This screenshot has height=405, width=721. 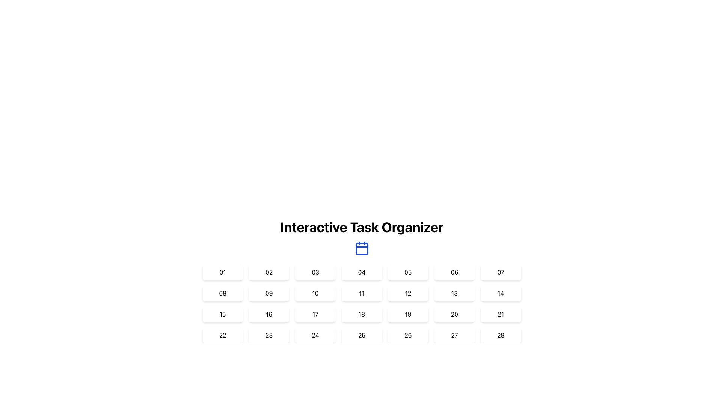 What do you see at coordinates (315, 335) in the screenshot?
I see `the button that displays the number '24' in bold text, located in the fourth row and third column of the grid layout` at bounding box center [315, 335].